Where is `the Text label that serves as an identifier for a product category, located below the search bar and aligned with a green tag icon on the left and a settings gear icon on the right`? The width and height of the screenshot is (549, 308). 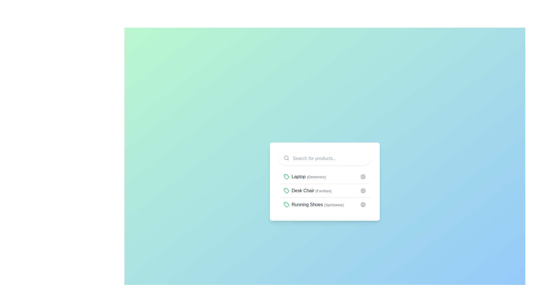
the Text label that serves as an identifier for a product category, located below the search bar and aligned with a green tag icon on the left and a settings gear icon on the right is located at coordinates (309, 177).